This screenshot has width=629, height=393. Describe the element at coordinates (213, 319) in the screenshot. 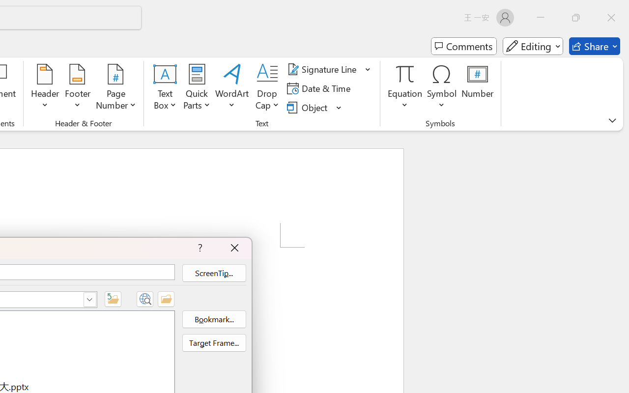

I see `'Bookmark...'` at that location.